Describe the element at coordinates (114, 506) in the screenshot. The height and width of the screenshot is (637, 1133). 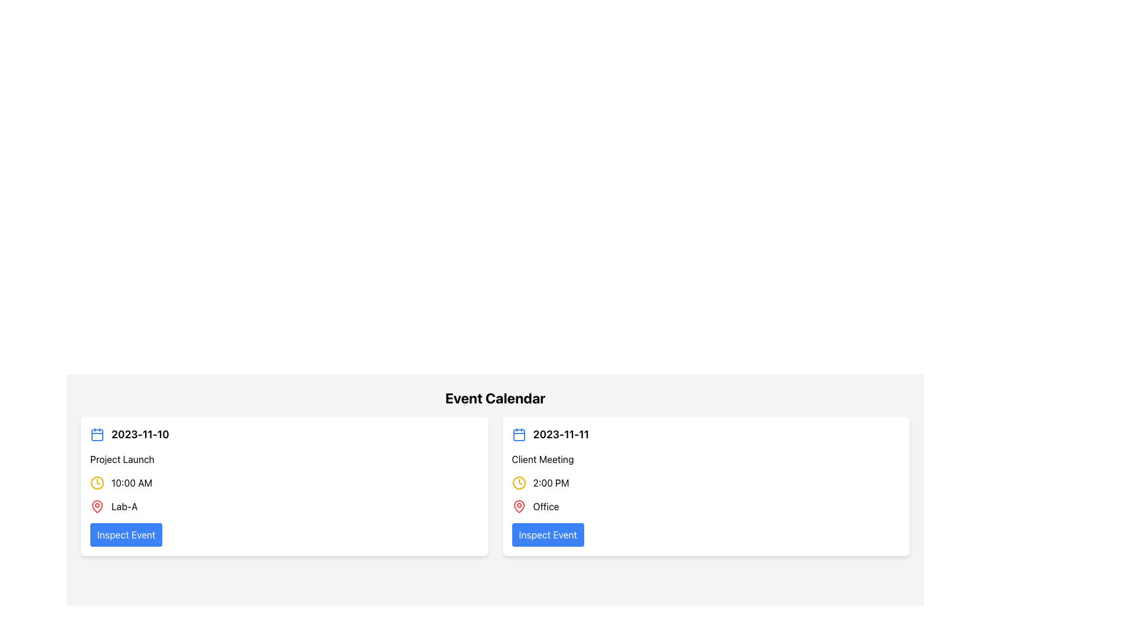
I see `the 'Lab-A' text label with the red map pin icon, which is located in the bottom-left area of the event card beneath the '10:00 AM' time detail` at that location.